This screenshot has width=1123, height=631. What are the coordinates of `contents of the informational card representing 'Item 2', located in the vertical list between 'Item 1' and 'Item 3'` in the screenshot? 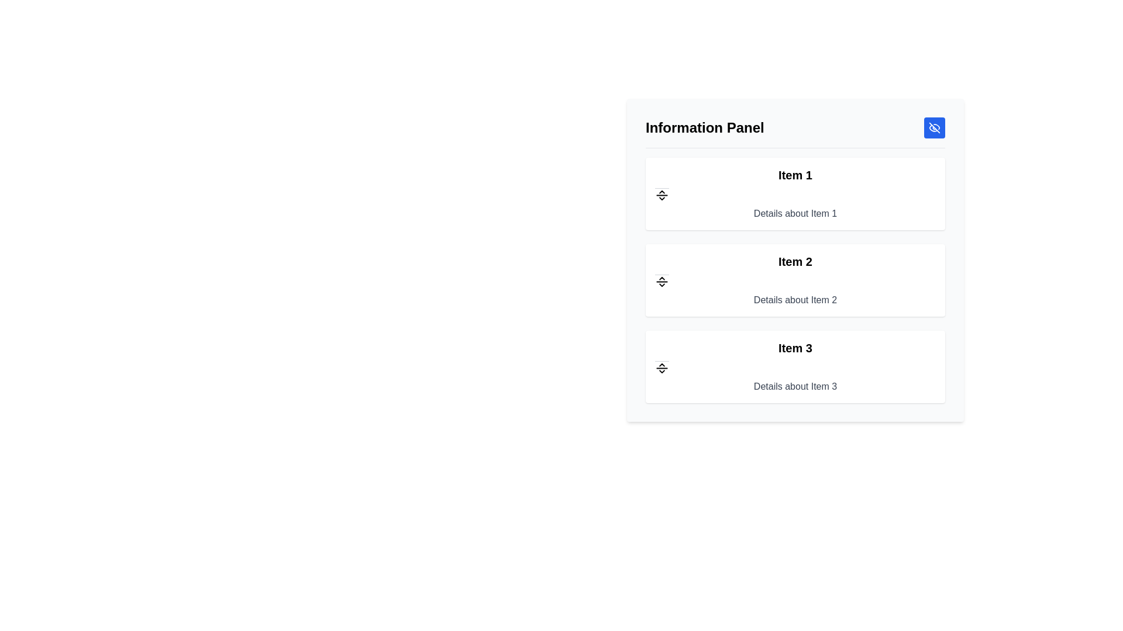 It's located at (795, 280).